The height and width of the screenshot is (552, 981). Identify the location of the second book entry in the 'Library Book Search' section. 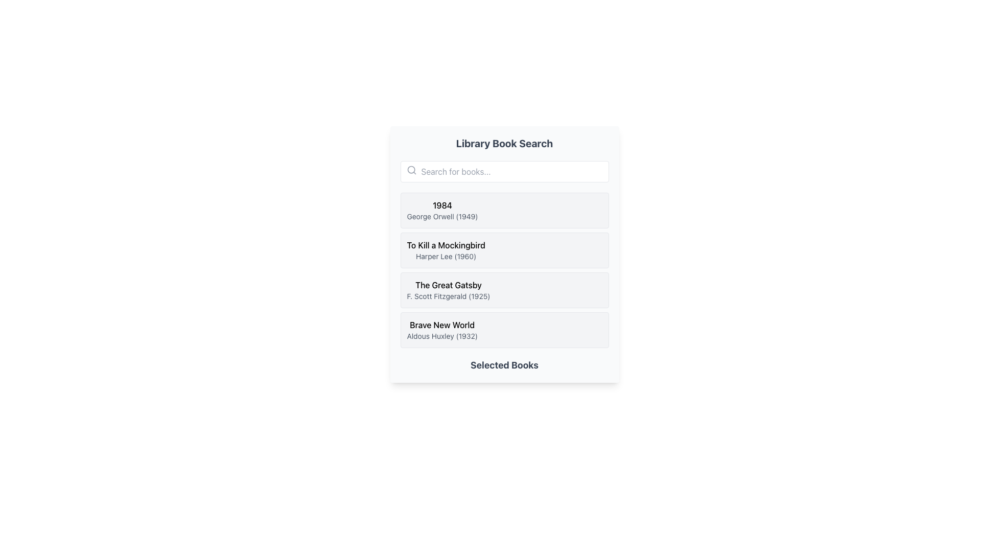
(504, 250).